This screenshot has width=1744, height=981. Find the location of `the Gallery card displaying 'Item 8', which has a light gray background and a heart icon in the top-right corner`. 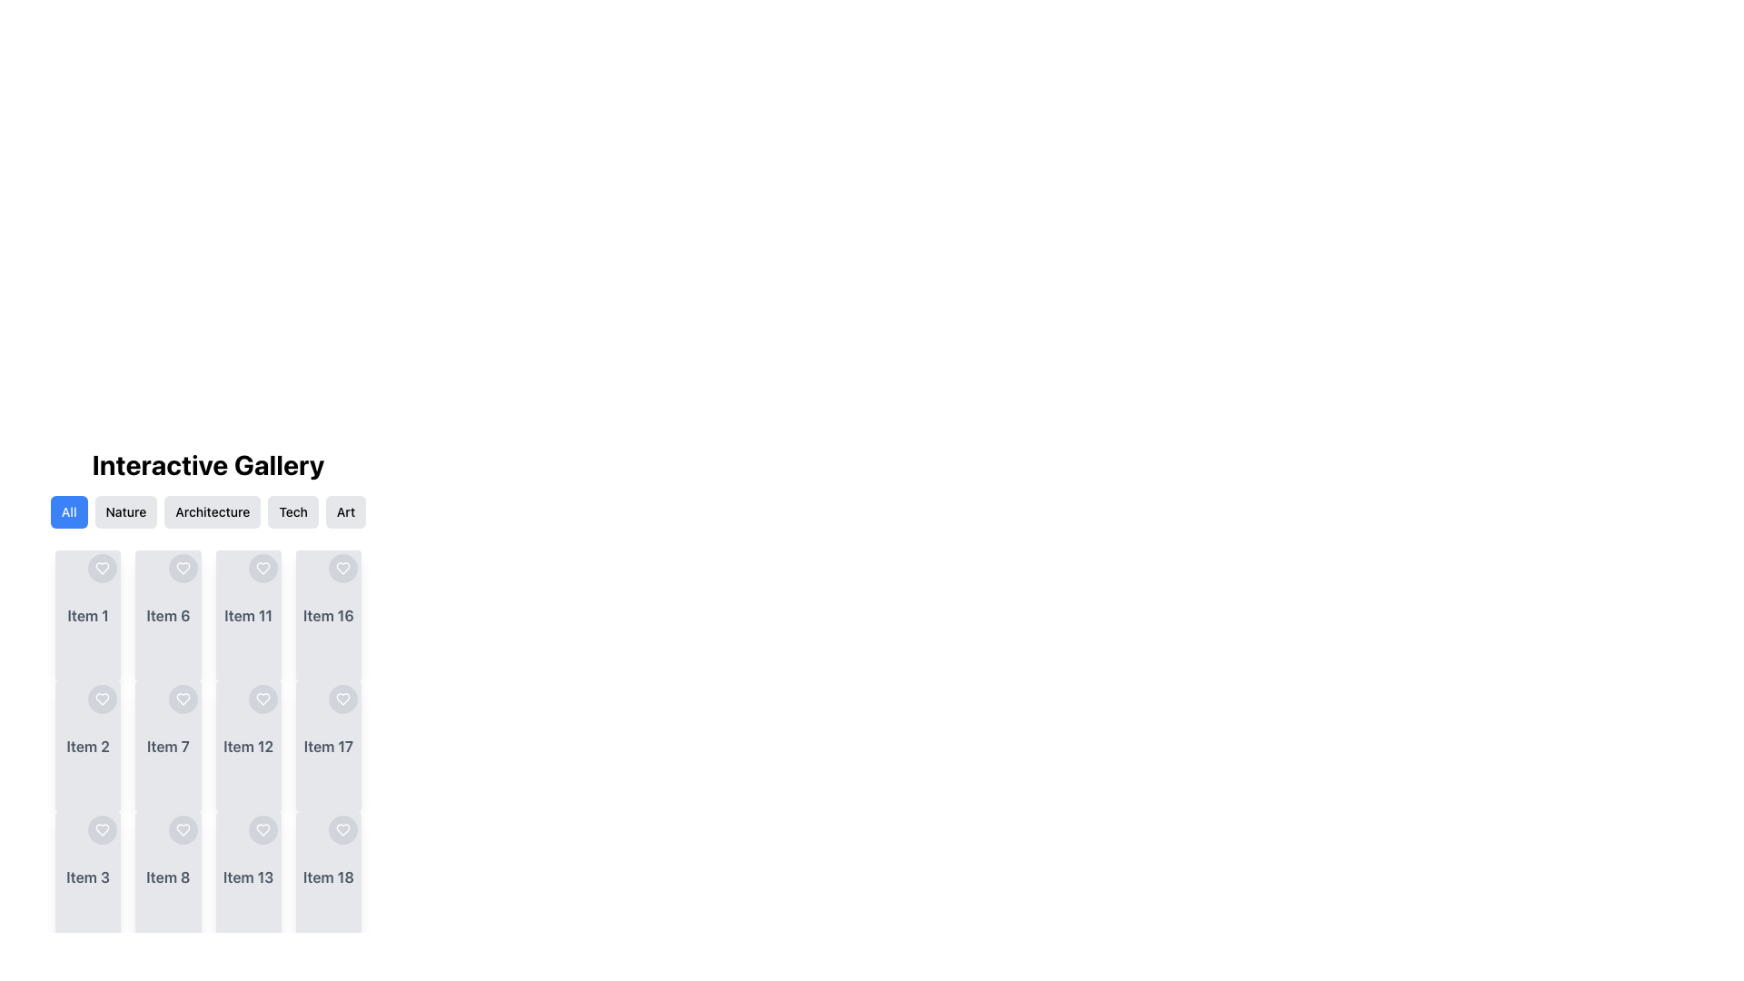

the Gallery card displaying 'Item 8', which has a light gray background and a heart icon in the top-right corner is located at coordinates (168, 876).